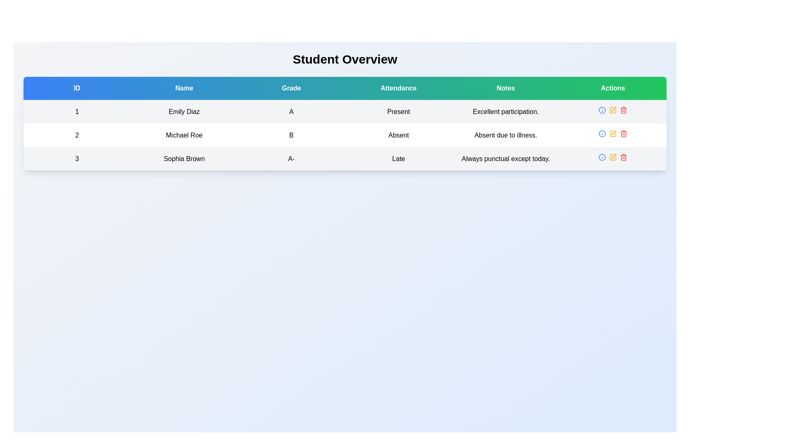 Image resolution: width=792 pixels, height=446 pixels. What do you see at coordinates (624, 134) in the screenshot?
I see `the trash bin icon in the Actions column for the row corresponding to Michael Roe` at bounding box center [624, 134].